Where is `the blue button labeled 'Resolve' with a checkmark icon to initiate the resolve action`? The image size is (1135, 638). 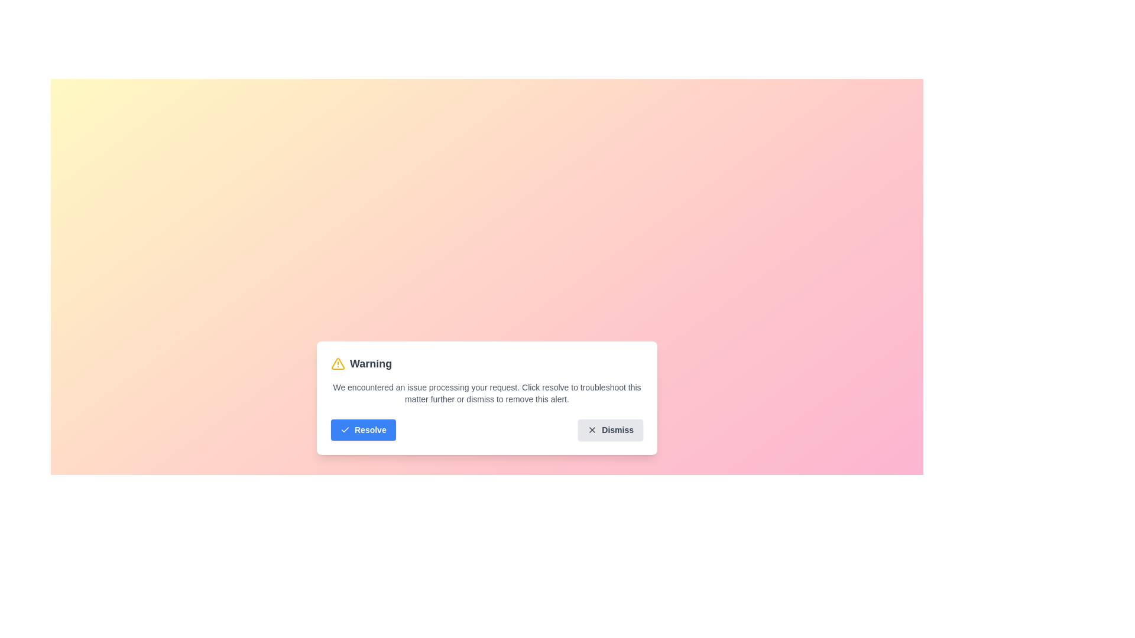
the blue button labeled 'Resolve' with a checkmark icon to initiate the resolve action is located at coordinates (362, 430).